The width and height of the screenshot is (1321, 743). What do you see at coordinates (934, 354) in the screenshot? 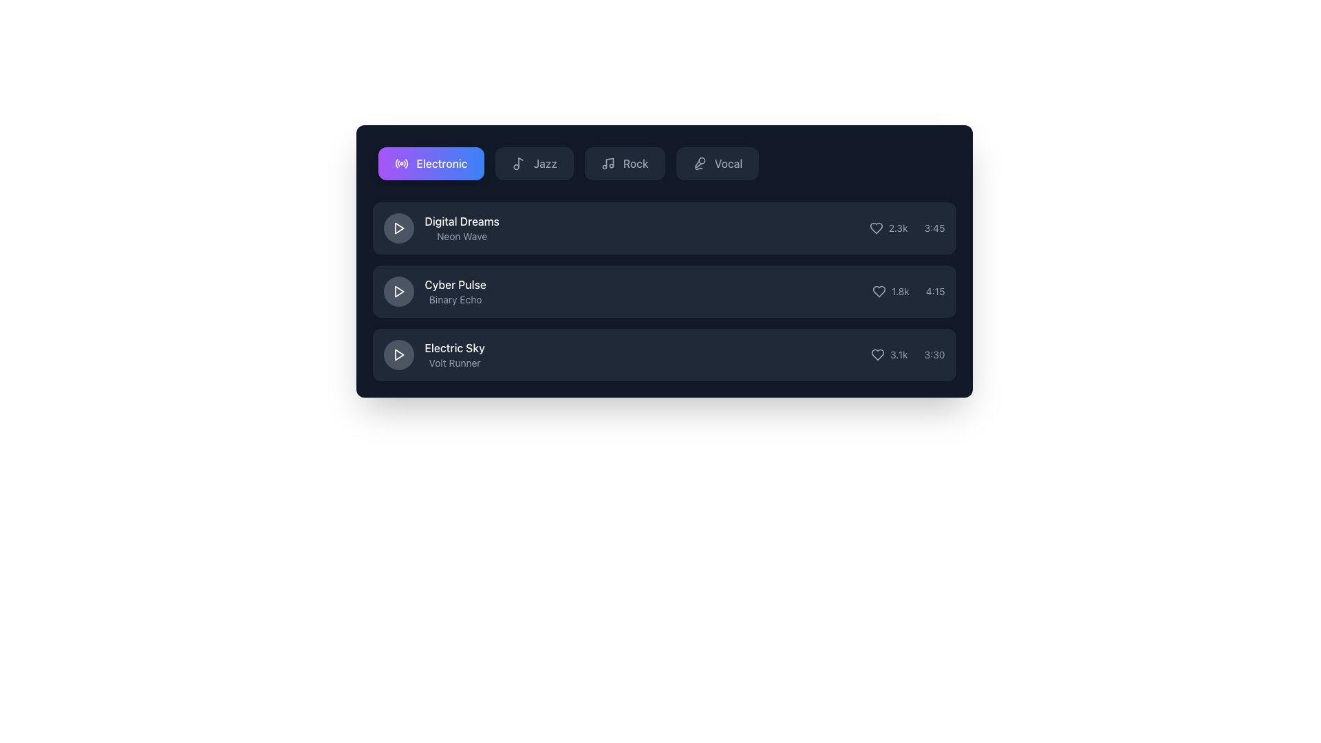
I see `text displayed in the Text Label located at the far-right end of the third row, next to a '3.1k' text and a heart icon` at bounding box center [934, 354].